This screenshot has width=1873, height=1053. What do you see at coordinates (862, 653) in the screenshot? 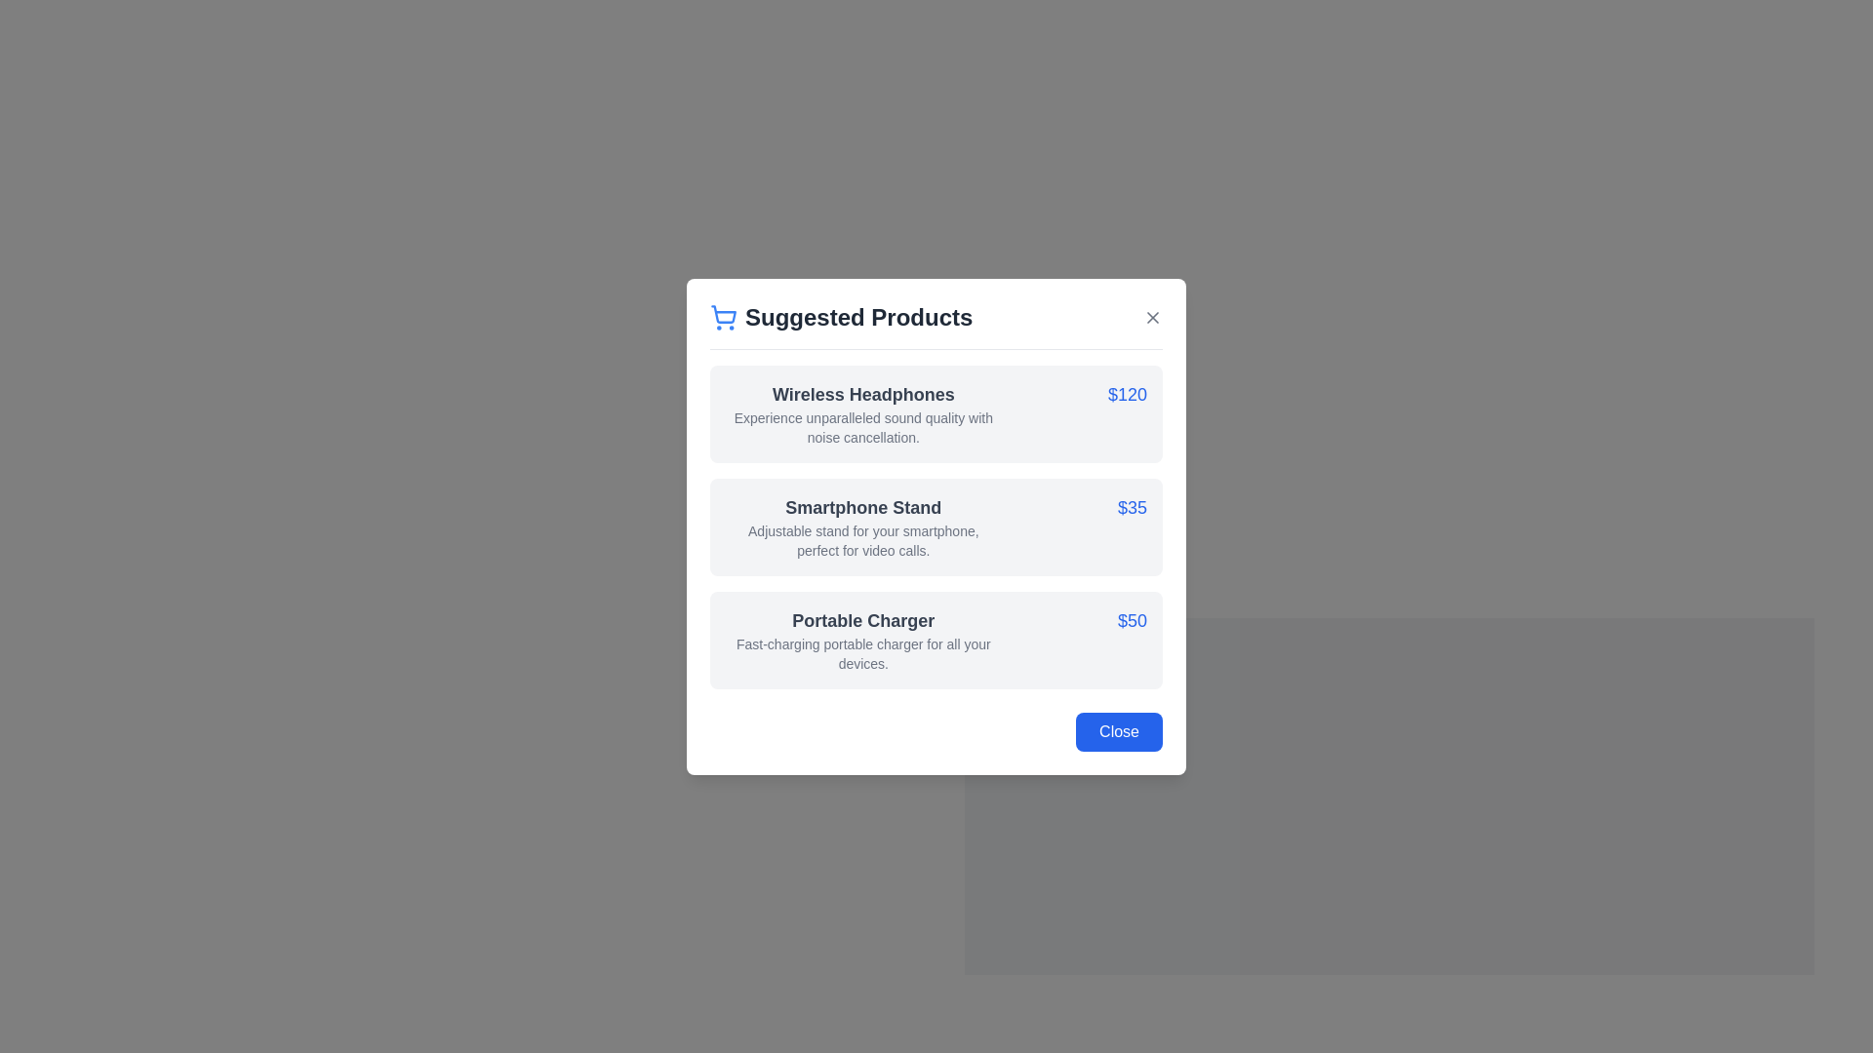
I see `the text block providing details about the 'Portable Charger' in the suggested products list, located beneath its title in the modal window` at bounding box center [862, 653].